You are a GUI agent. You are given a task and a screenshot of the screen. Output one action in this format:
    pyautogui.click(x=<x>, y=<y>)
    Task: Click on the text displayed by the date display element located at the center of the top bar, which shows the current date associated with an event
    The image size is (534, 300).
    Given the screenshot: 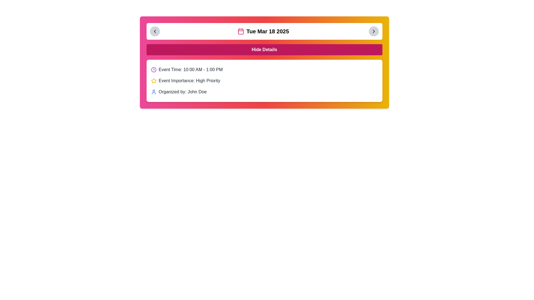 What is the action you would take?
    pyautogui.click(x=264, y=31)
    